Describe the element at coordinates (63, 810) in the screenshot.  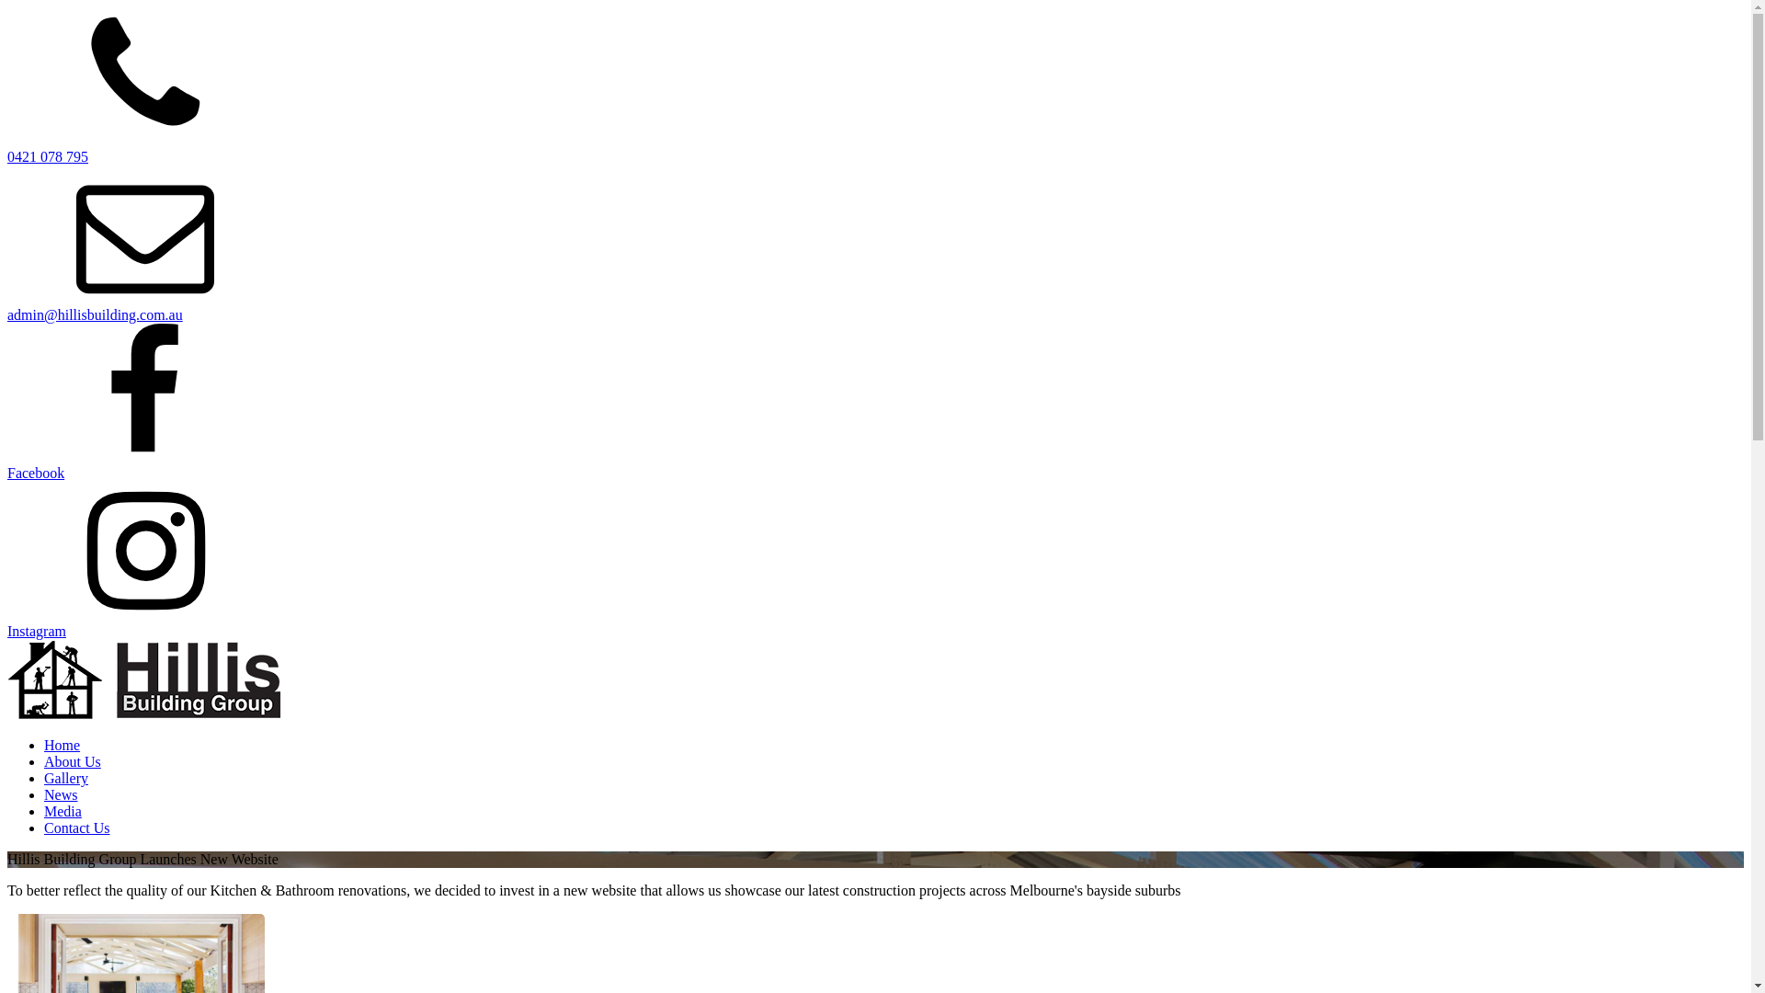
I see `'Media'` at that location.